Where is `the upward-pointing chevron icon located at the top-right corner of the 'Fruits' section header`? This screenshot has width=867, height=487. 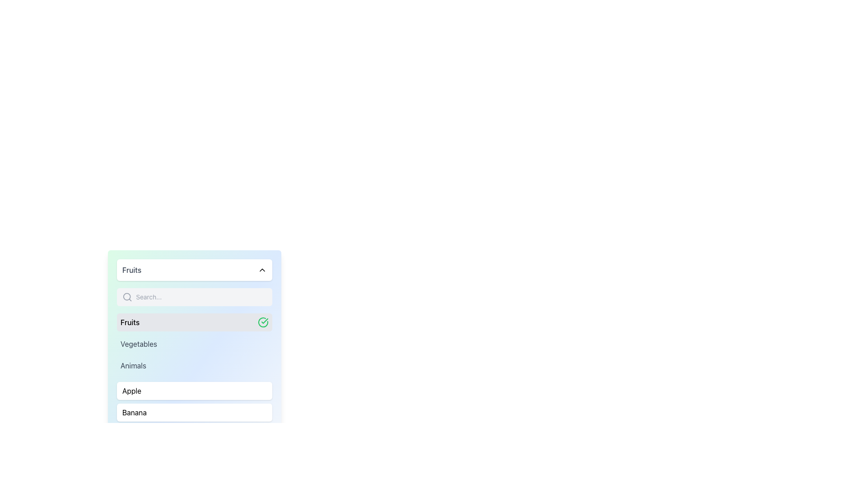 the upward-pointing chevron icon located at the top-right corner of the 'Fruits' section header is located at coordinates (261, 269).